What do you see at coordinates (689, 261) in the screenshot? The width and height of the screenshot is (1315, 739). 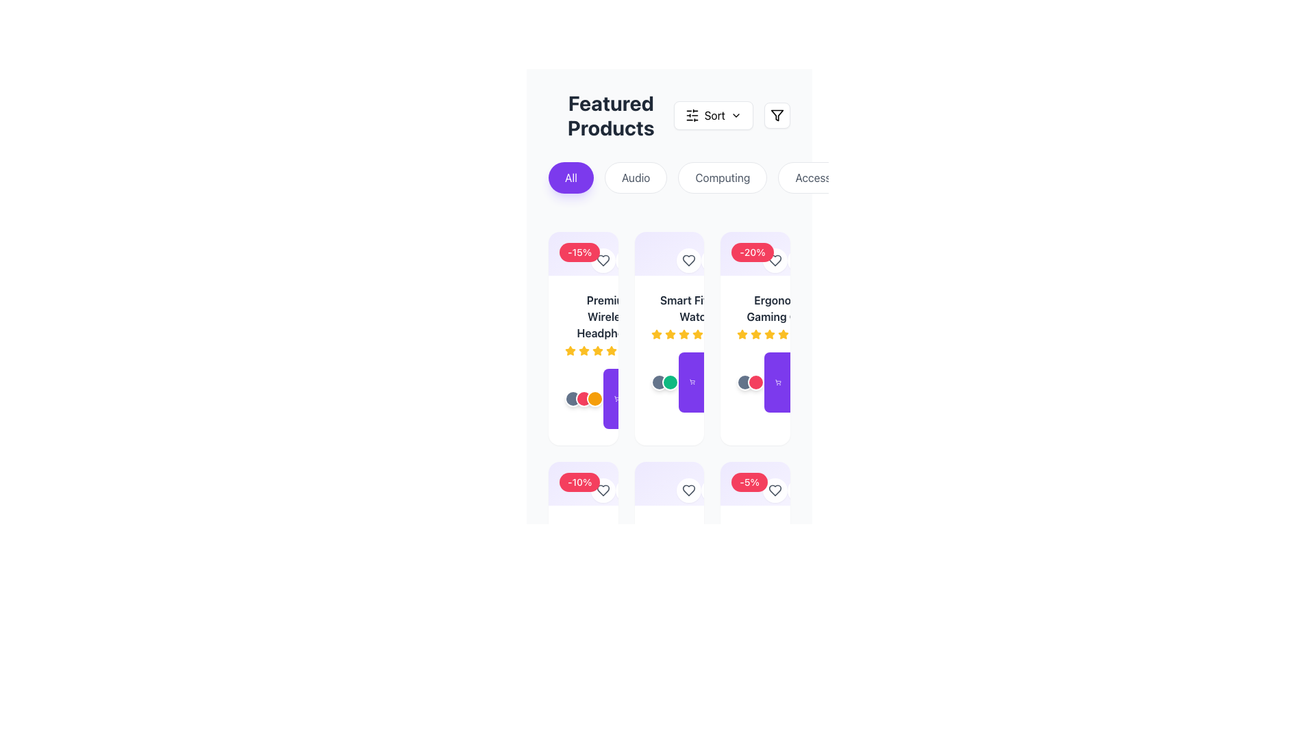 I see `the circular button containing the heart icon in the middle product card` at bounding box center [689, 261].